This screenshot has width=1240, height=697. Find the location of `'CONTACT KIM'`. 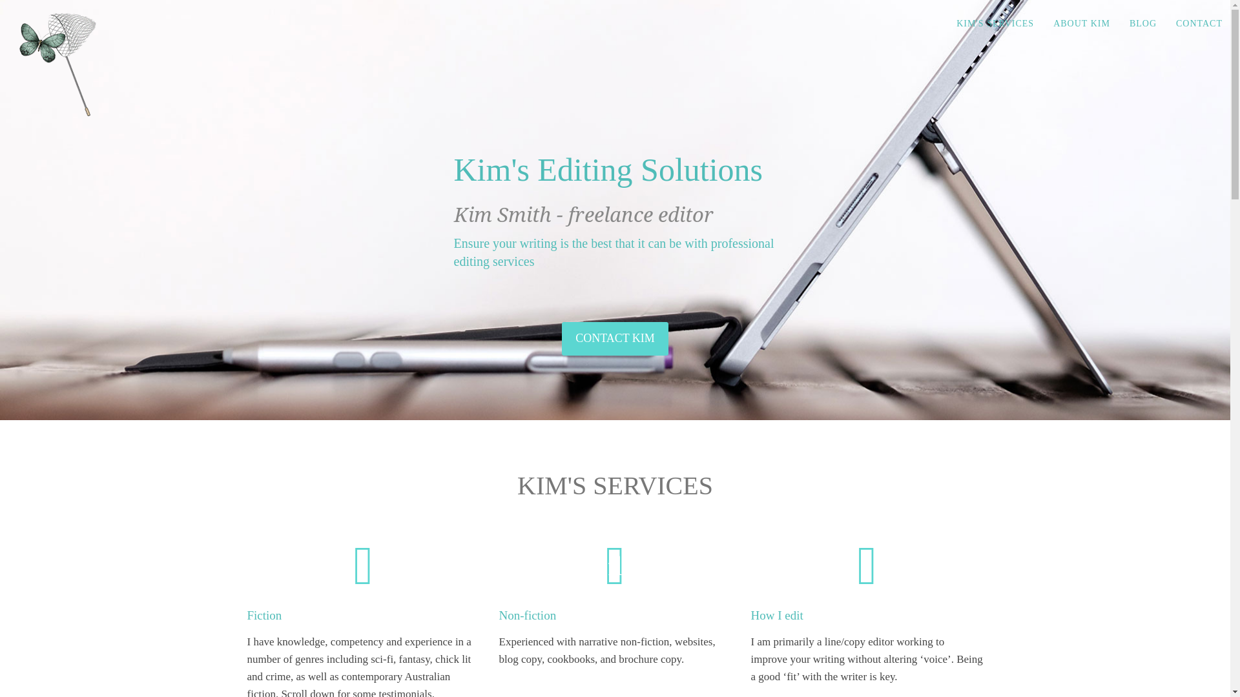

'CONTACT KIM' is located at coordinates (614, 338).